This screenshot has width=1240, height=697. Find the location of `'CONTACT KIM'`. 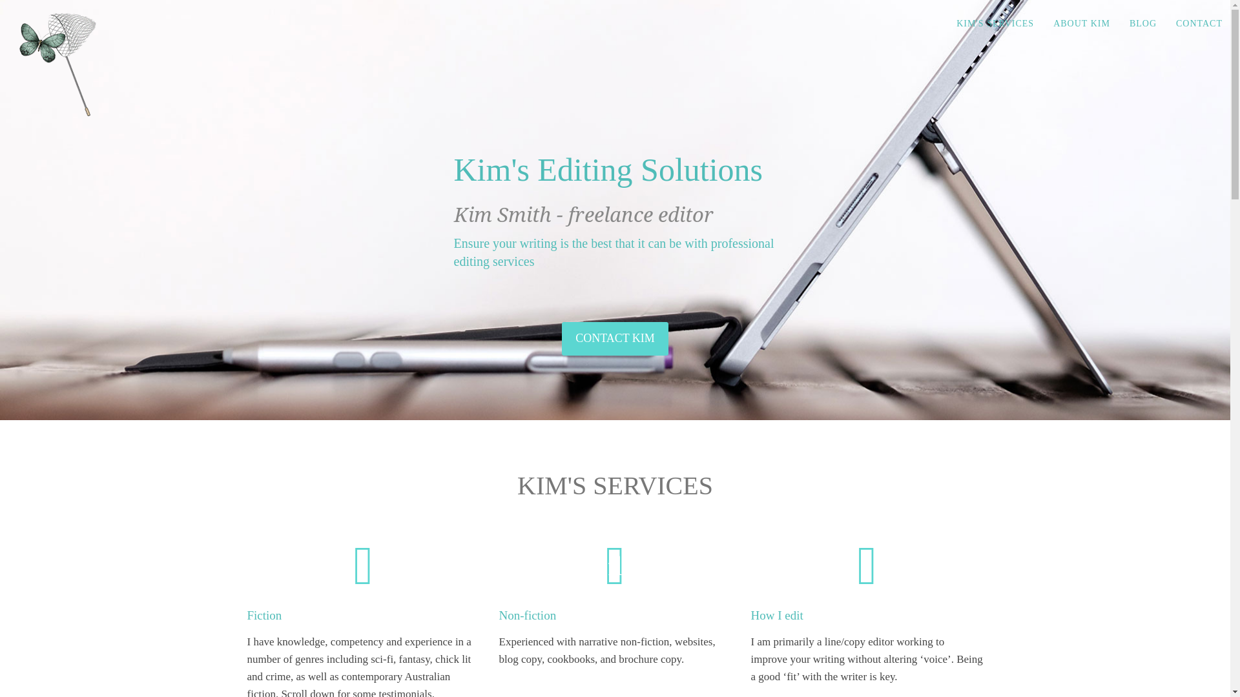

'CONTACT KIM' is located at coordinates (614, 338).